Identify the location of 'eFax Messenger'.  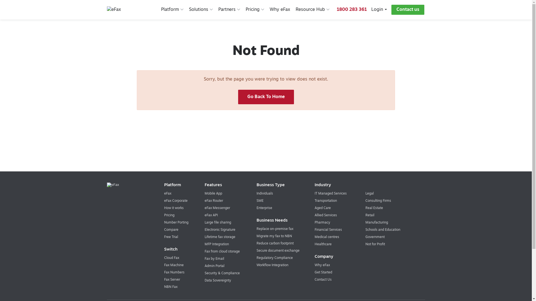
(217, 208).